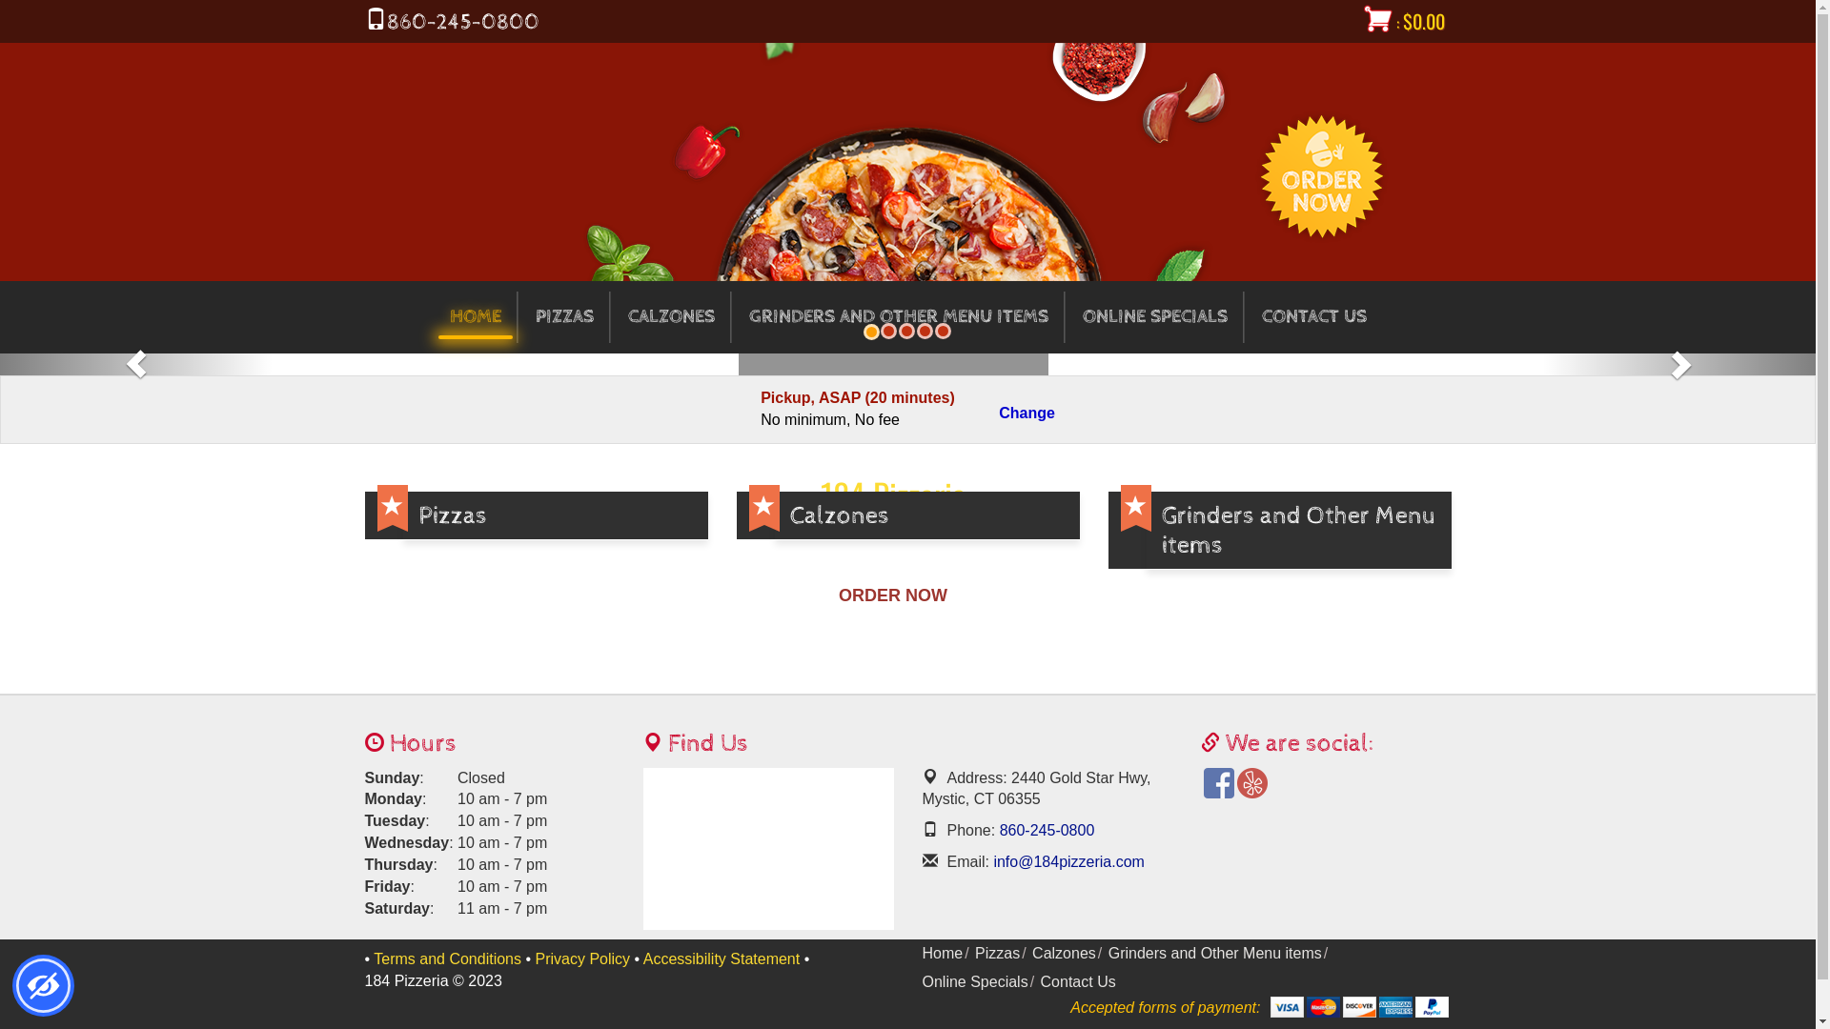  I want to click on ': $0.00', so click(1356, 22).